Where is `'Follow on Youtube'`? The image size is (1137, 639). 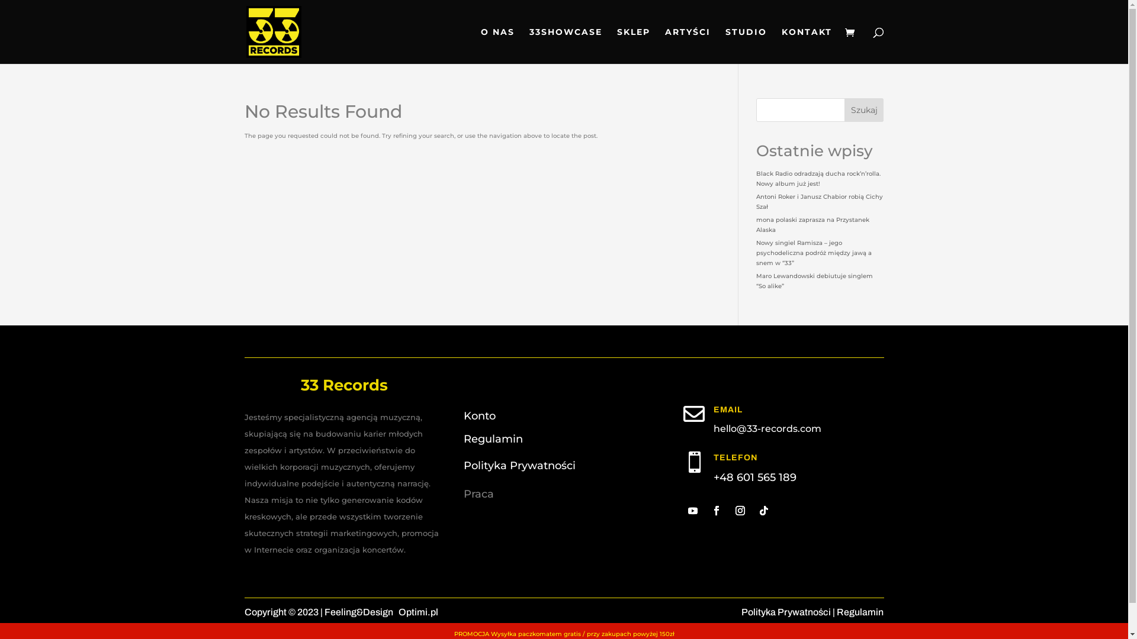
'Follow on Youtube' is located at coordinates (683, 510).